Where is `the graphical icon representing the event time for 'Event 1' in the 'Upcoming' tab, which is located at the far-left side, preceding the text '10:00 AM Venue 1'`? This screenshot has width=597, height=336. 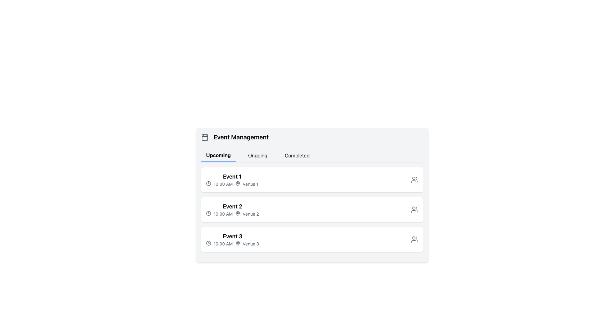 the graphical icon representing the event time for 'Event 1' in the 'Upcoming' tab, which is located at the far-left side, preceding the text '10:00 AM Venue 1' is located at coordinates (209, 183).